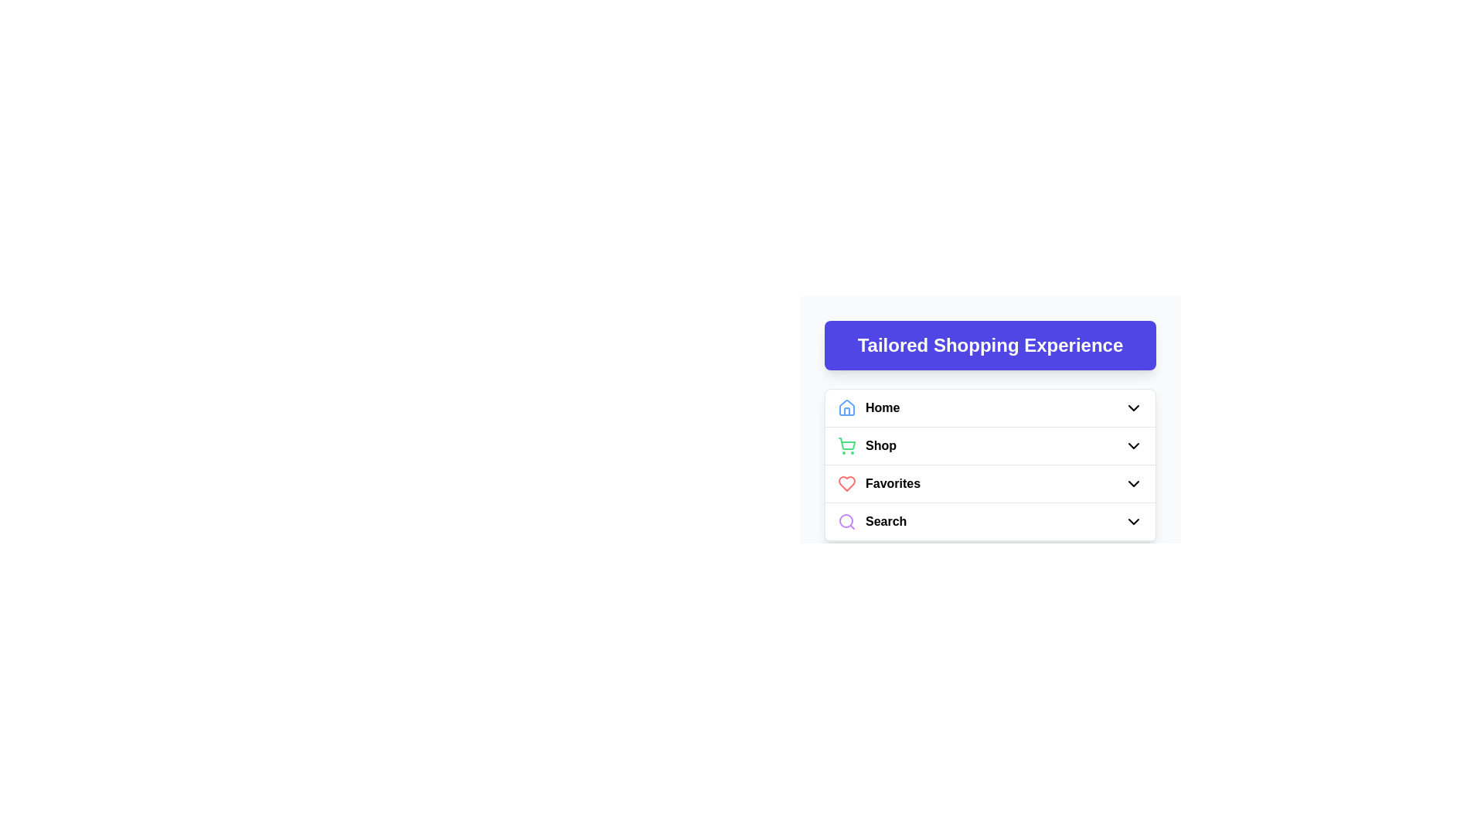  Describe the element at coordinates (990, 522) in the screenshot. I see `the 'Search' button, which is the last button in the vertical menu under 'Tailored Shopping Experience'` at that location.